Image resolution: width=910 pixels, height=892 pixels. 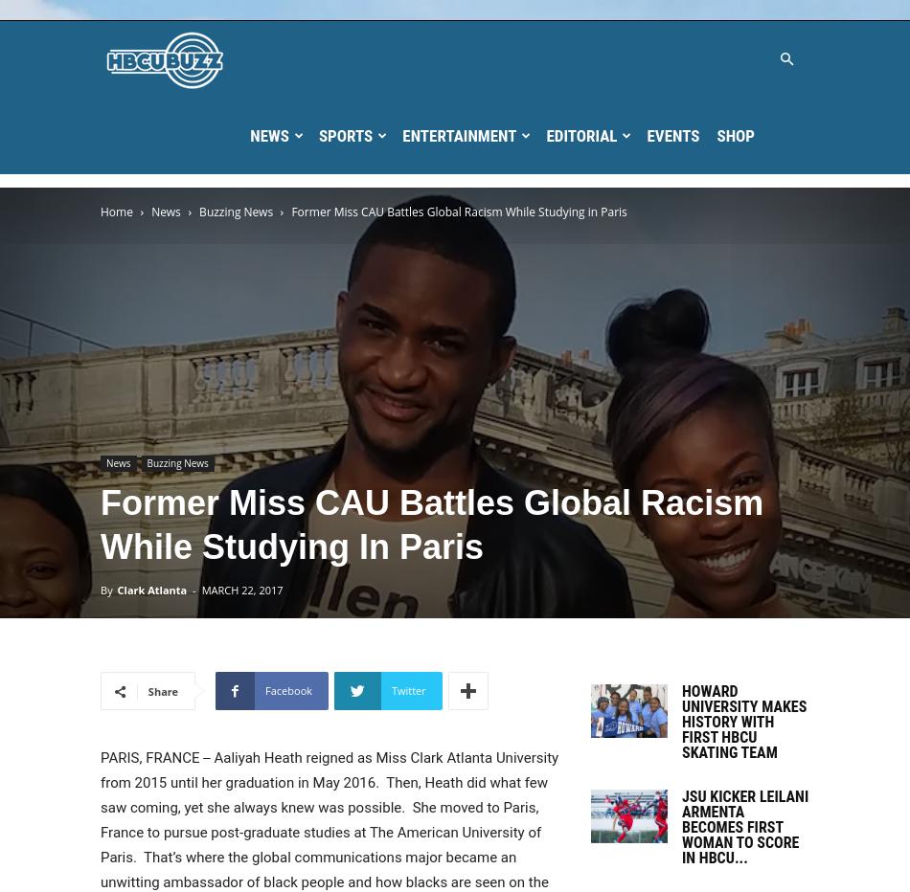 I want to click on 'Facebook', so click(x=287, y=689).